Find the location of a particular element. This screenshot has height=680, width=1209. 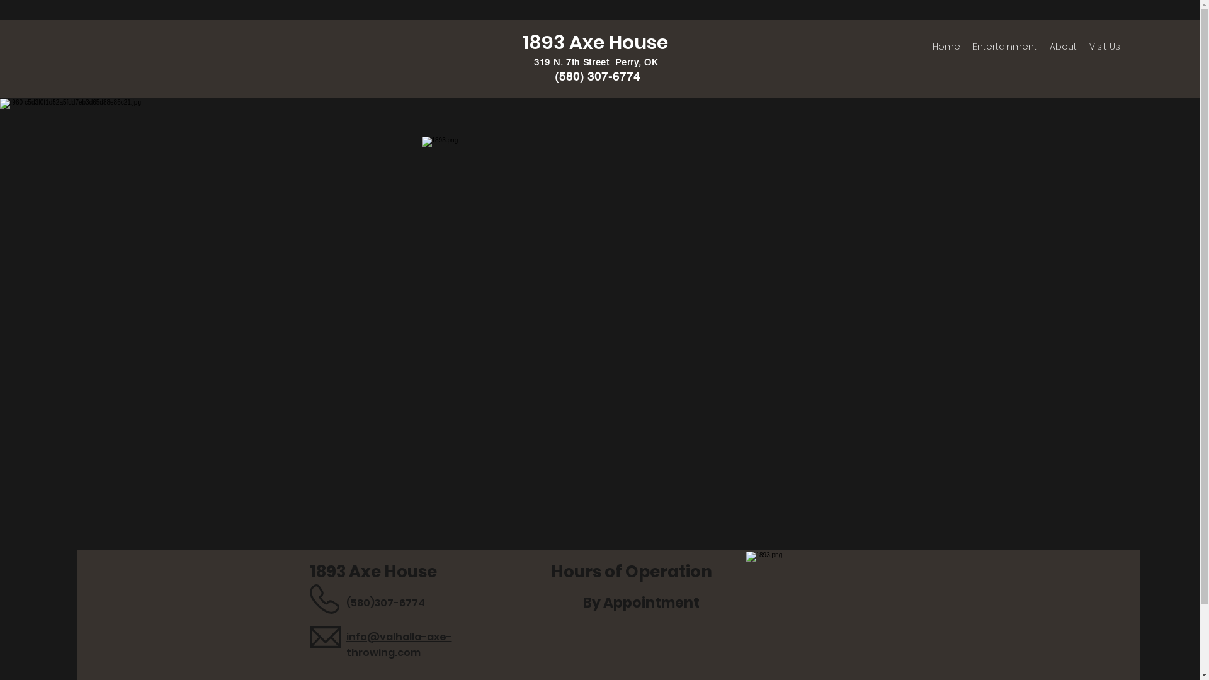

'Visit Us' is located at coordinates (1104, 45).